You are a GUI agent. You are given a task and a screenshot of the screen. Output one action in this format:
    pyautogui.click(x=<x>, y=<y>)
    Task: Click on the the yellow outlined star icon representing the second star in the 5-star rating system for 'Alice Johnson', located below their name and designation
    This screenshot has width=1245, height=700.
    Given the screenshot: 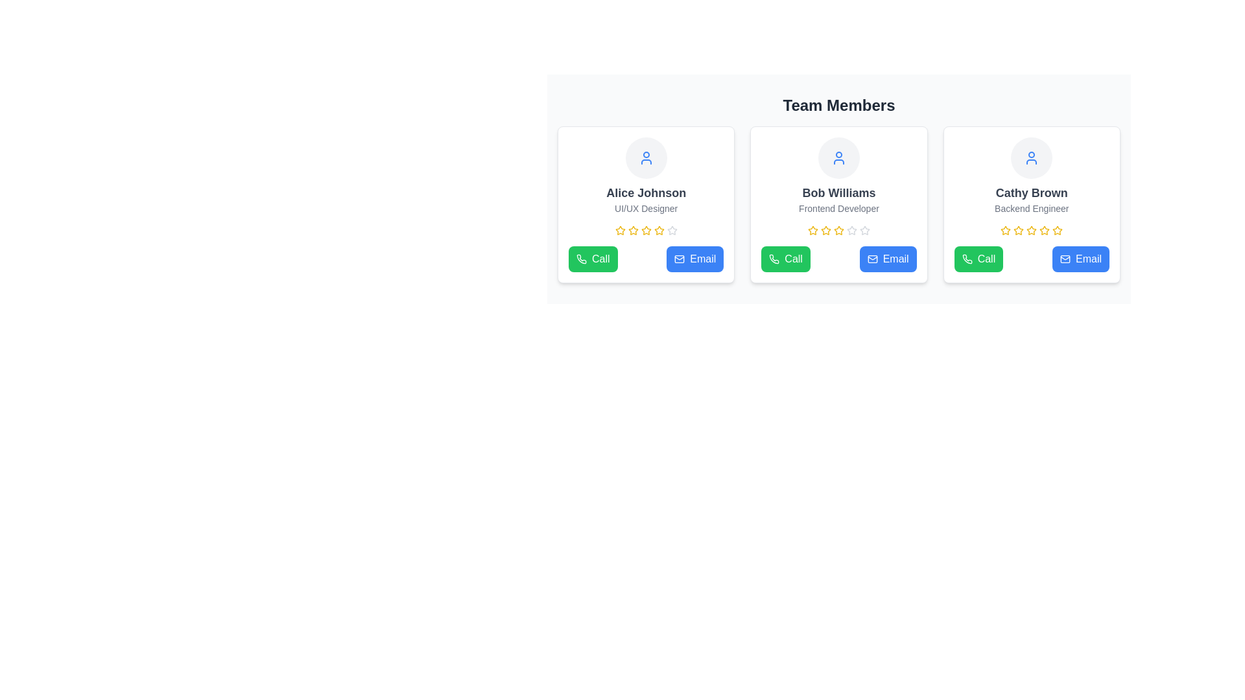 What is the action you would take?
    pyautogui.click(x=646, y=229)
    